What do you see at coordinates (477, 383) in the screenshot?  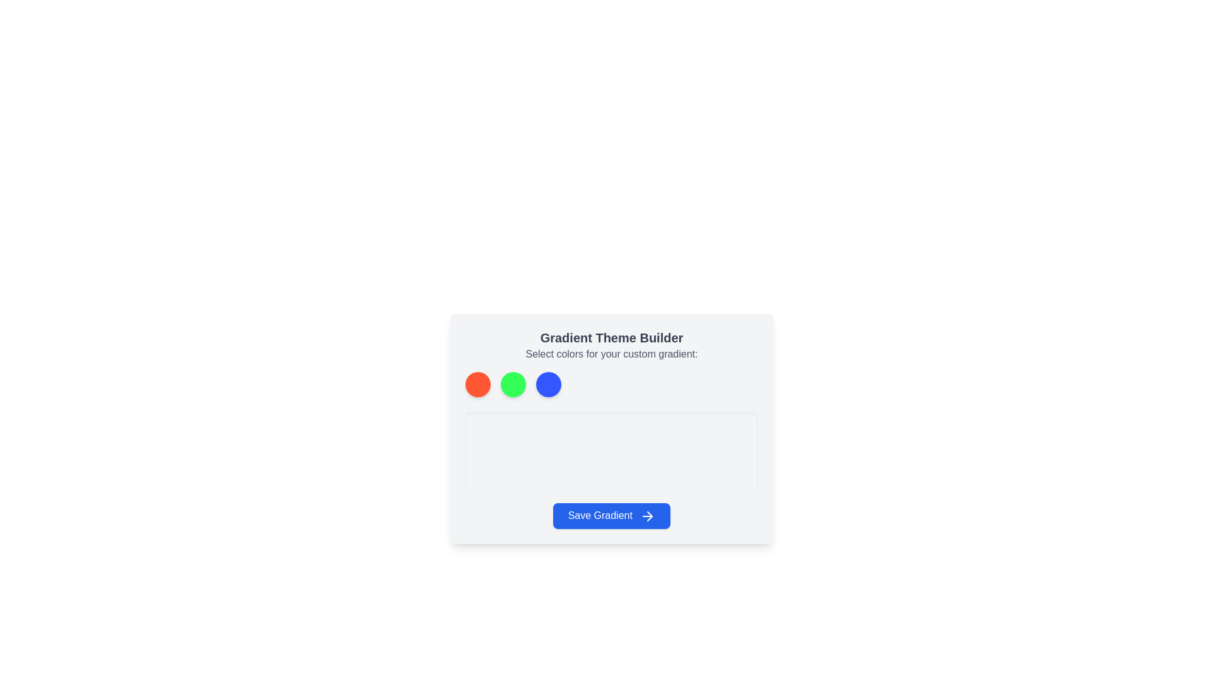 I see `the vibrant orange circular button located above the 'Gradient Theme Builder'` at bounding box center [477, 383].